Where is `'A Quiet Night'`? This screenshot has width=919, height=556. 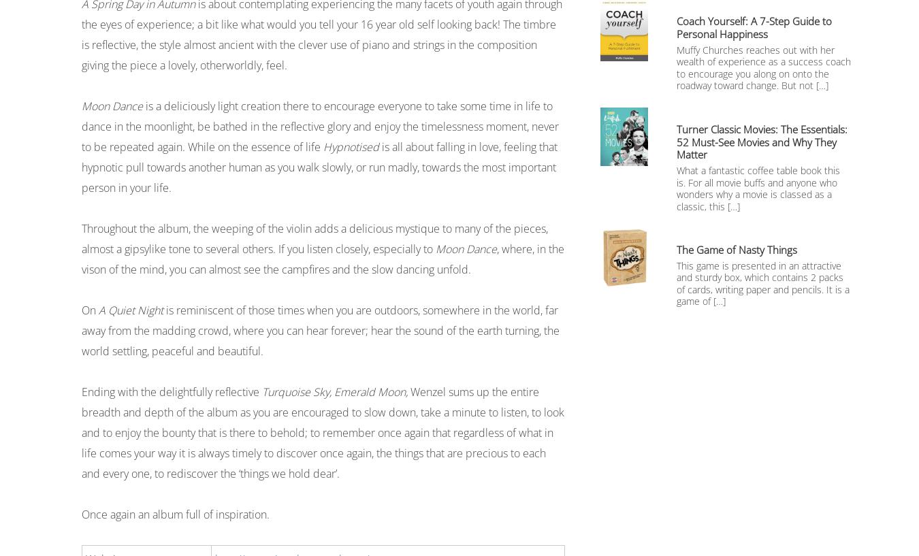 'A Quiet Night' is located at coordinates (98, 310).